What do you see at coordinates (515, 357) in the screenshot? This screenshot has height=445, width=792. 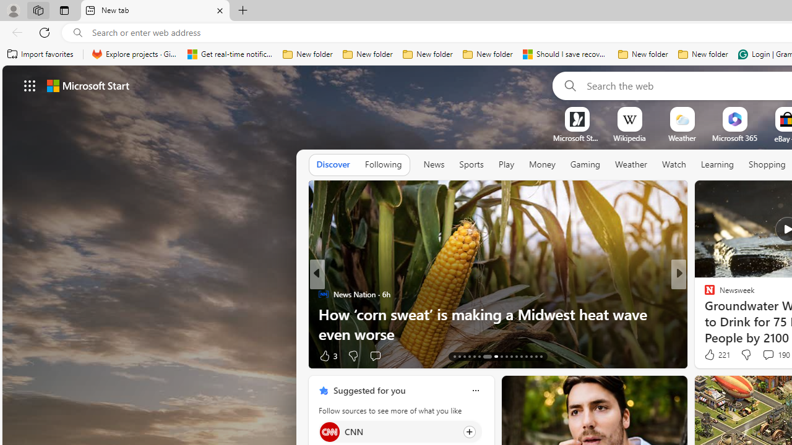 I see `'AutomationID: tab-24'` at bounding box center [515, 357].